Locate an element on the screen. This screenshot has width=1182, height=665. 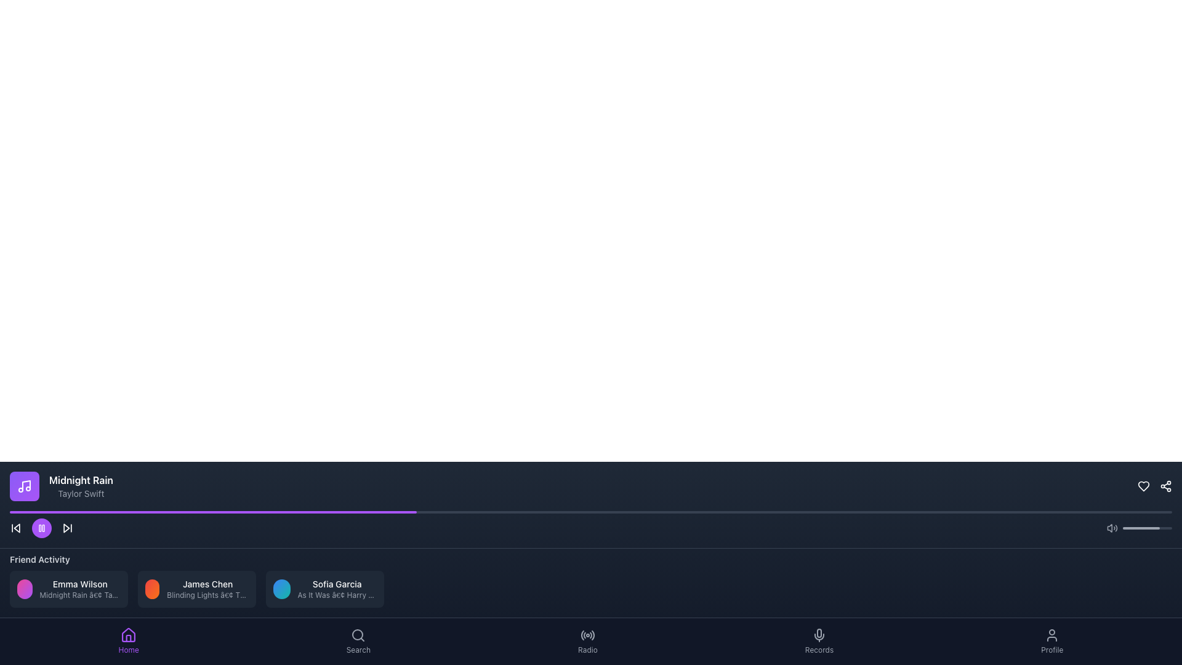
the static text element displaying 'Taylor Swift', which is styled in gray and positioned below 'Midnight Rain' in a dark-themed interface is located at coordinates (80, 493).